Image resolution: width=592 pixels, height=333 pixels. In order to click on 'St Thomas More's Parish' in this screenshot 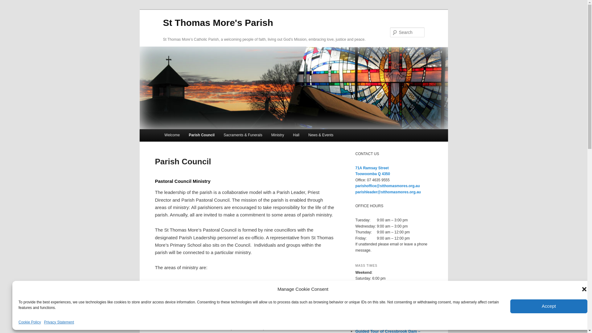, I will do `click(218, 22)`.